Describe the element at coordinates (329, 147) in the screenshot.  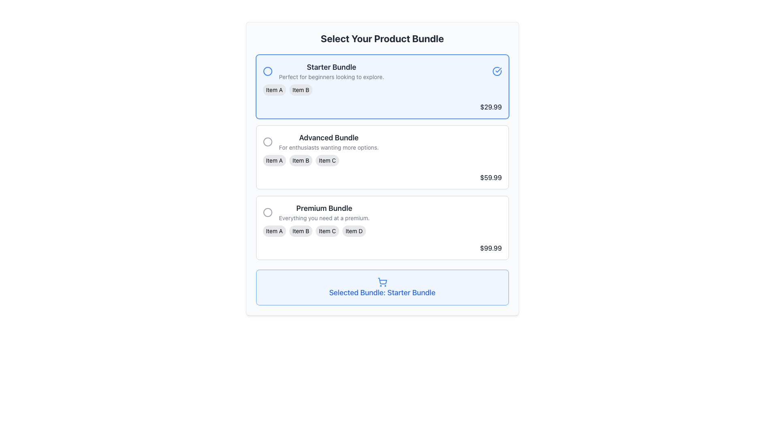
I see `the text label that reads 'For enthusiasts wanting more options.' which is located below the 'Advanced Bundle' label within the 'Advanced Bundle' card` at that location.